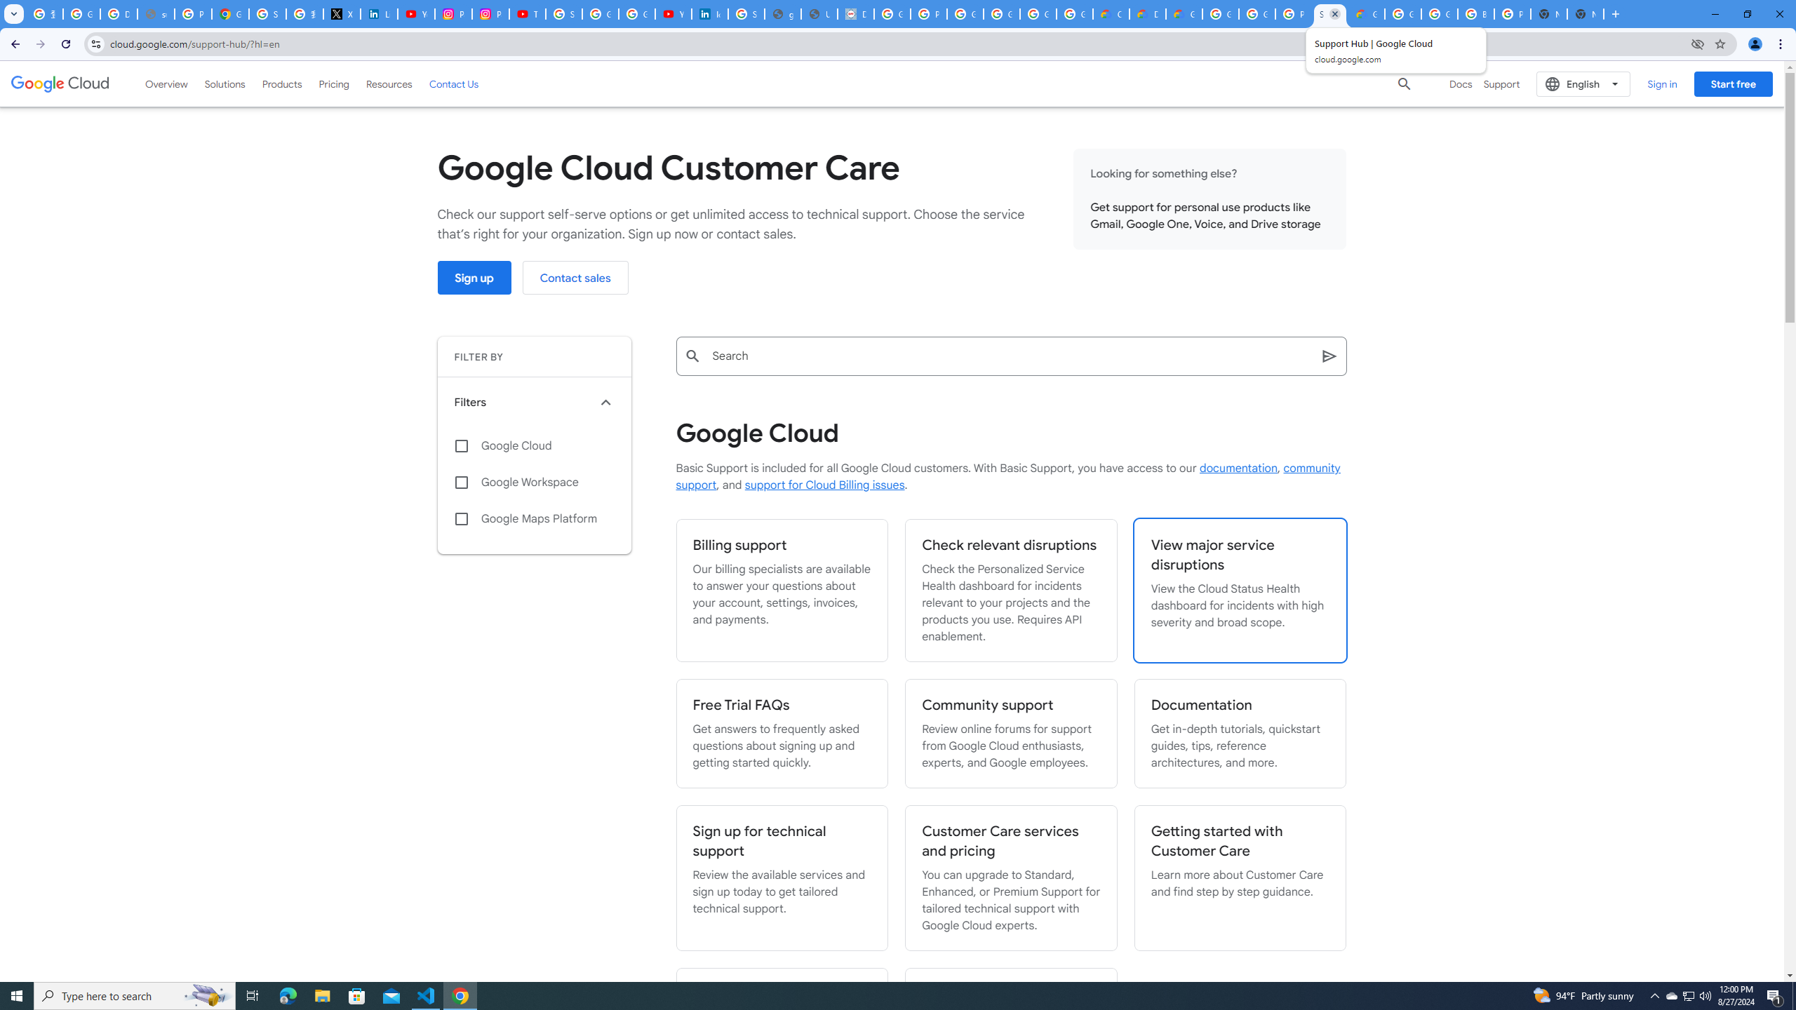  What do you see at coordinates (415, 13) in the screenshot?
I see `'YouTube Content Monetization Policies - How YouTube Works'` at bounding box center [415, 13].